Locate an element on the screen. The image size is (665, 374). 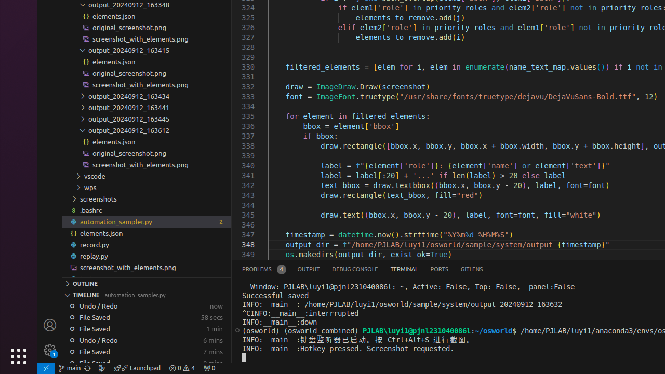
'output_20240912_163441' is located at coordinates (146, 107).